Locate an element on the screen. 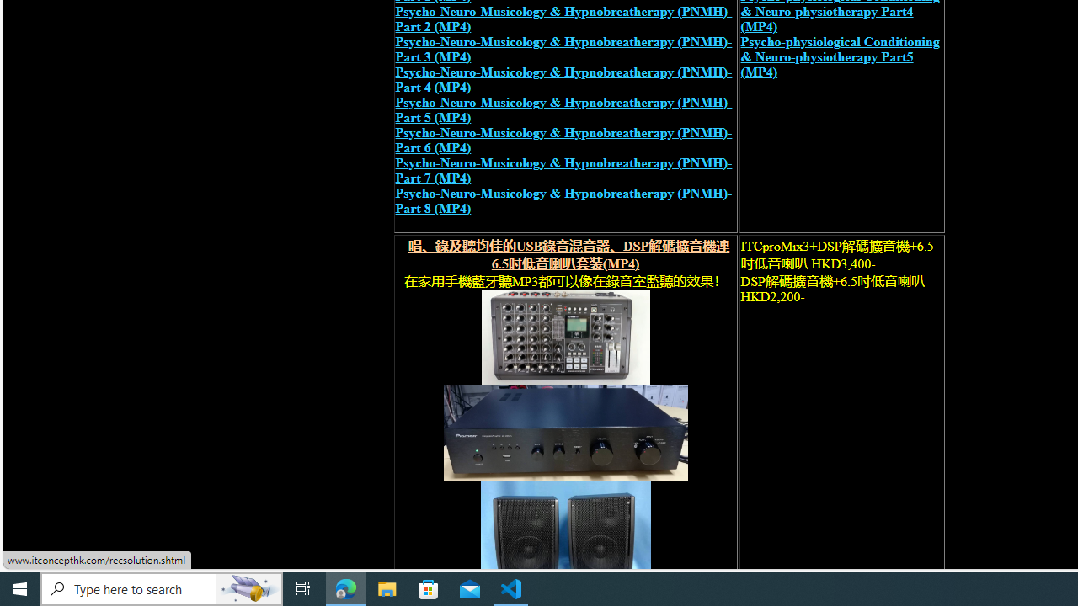 The image size is (1078, 606). 'recording mixer' is located at coordinates (565, 337).